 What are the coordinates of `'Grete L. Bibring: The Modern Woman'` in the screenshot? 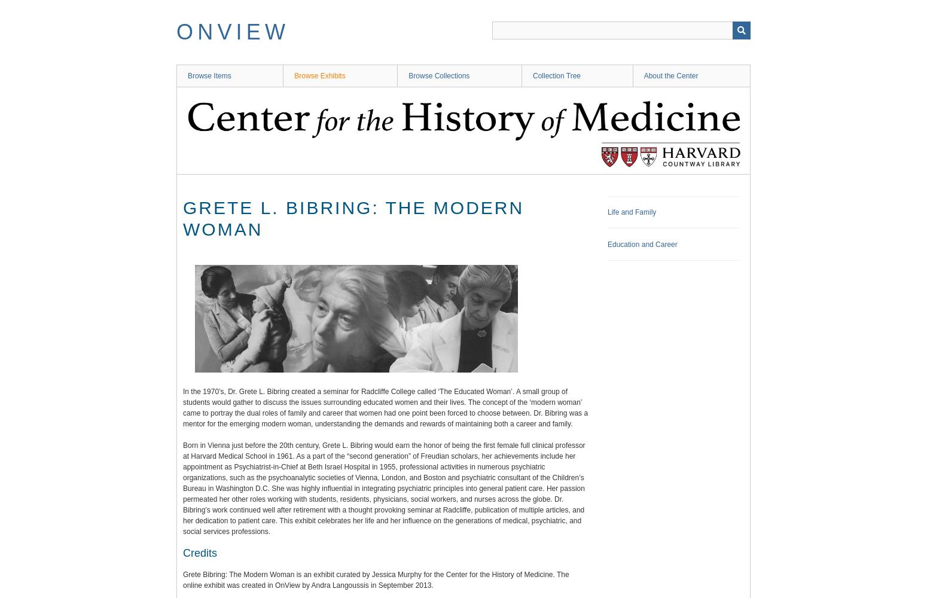 It's located at (182, 218).